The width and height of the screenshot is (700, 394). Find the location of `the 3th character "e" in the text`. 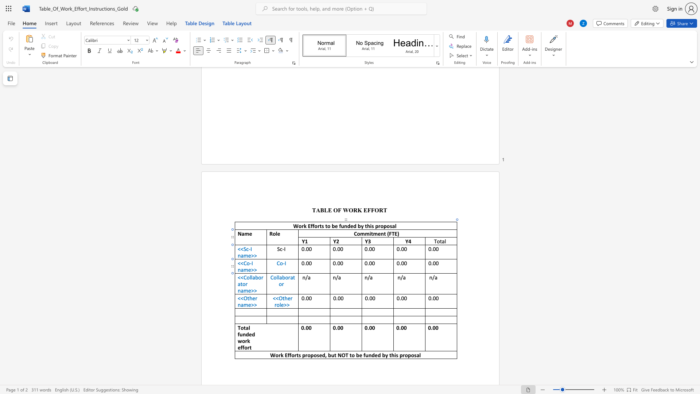

the 3th character "e" in the text is located at coordinates (376, 355).